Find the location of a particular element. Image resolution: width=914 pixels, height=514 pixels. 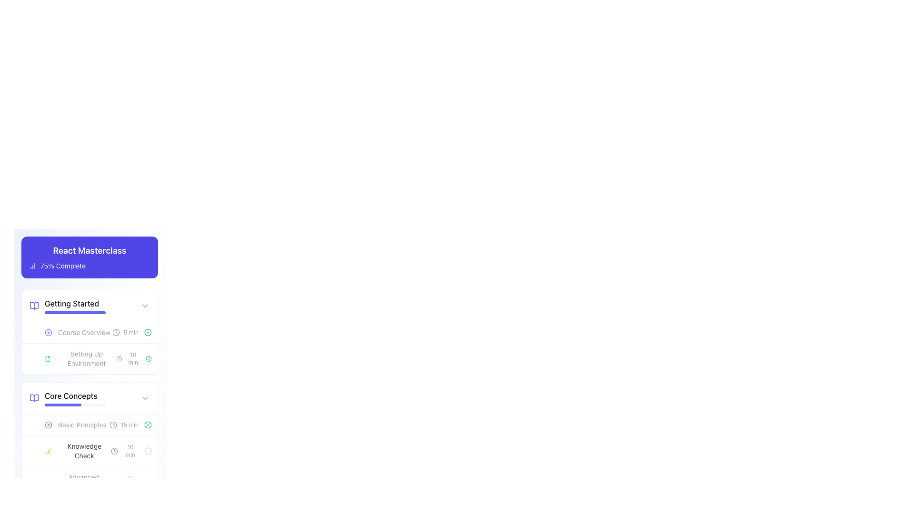

the icon associated with the 'Core Concepts' section is located at coordinates (67, 398).